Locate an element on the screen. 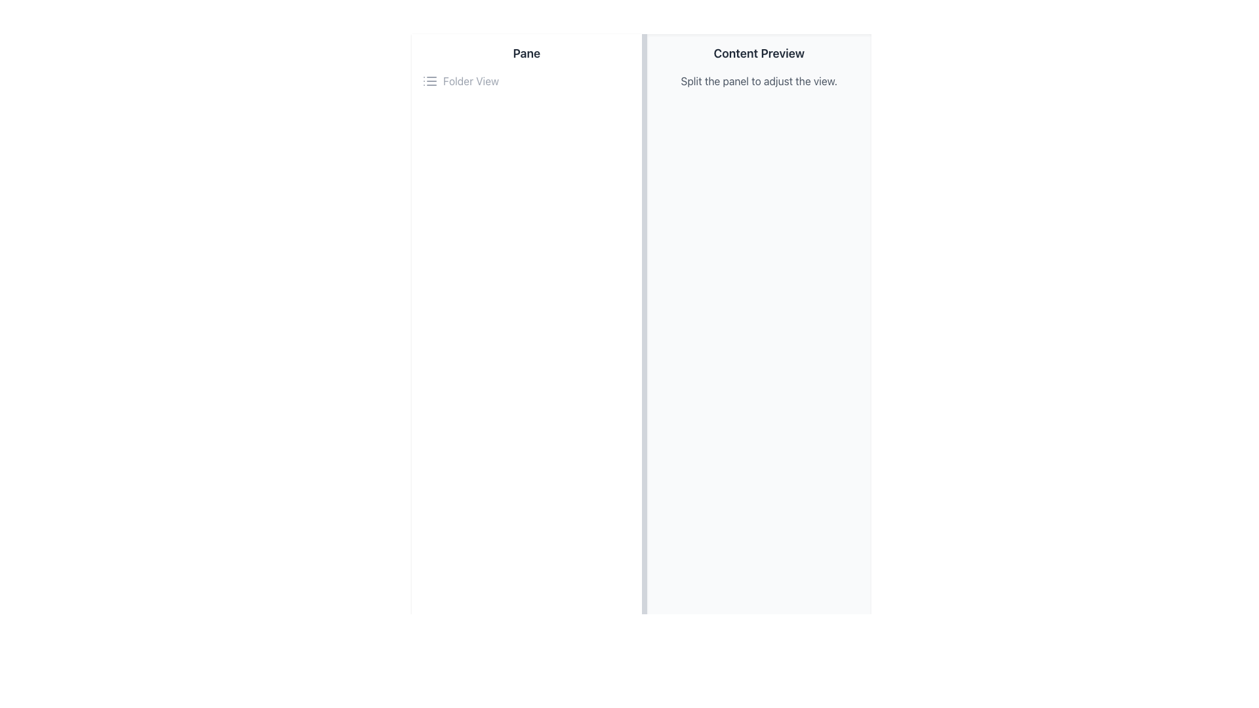 This screenshot has height=708, width=1259. the list icon located next to the 'Folder View' label in the left panel, which consists of three horizontal lines with circles on the left is located at coordinates (430, 81).